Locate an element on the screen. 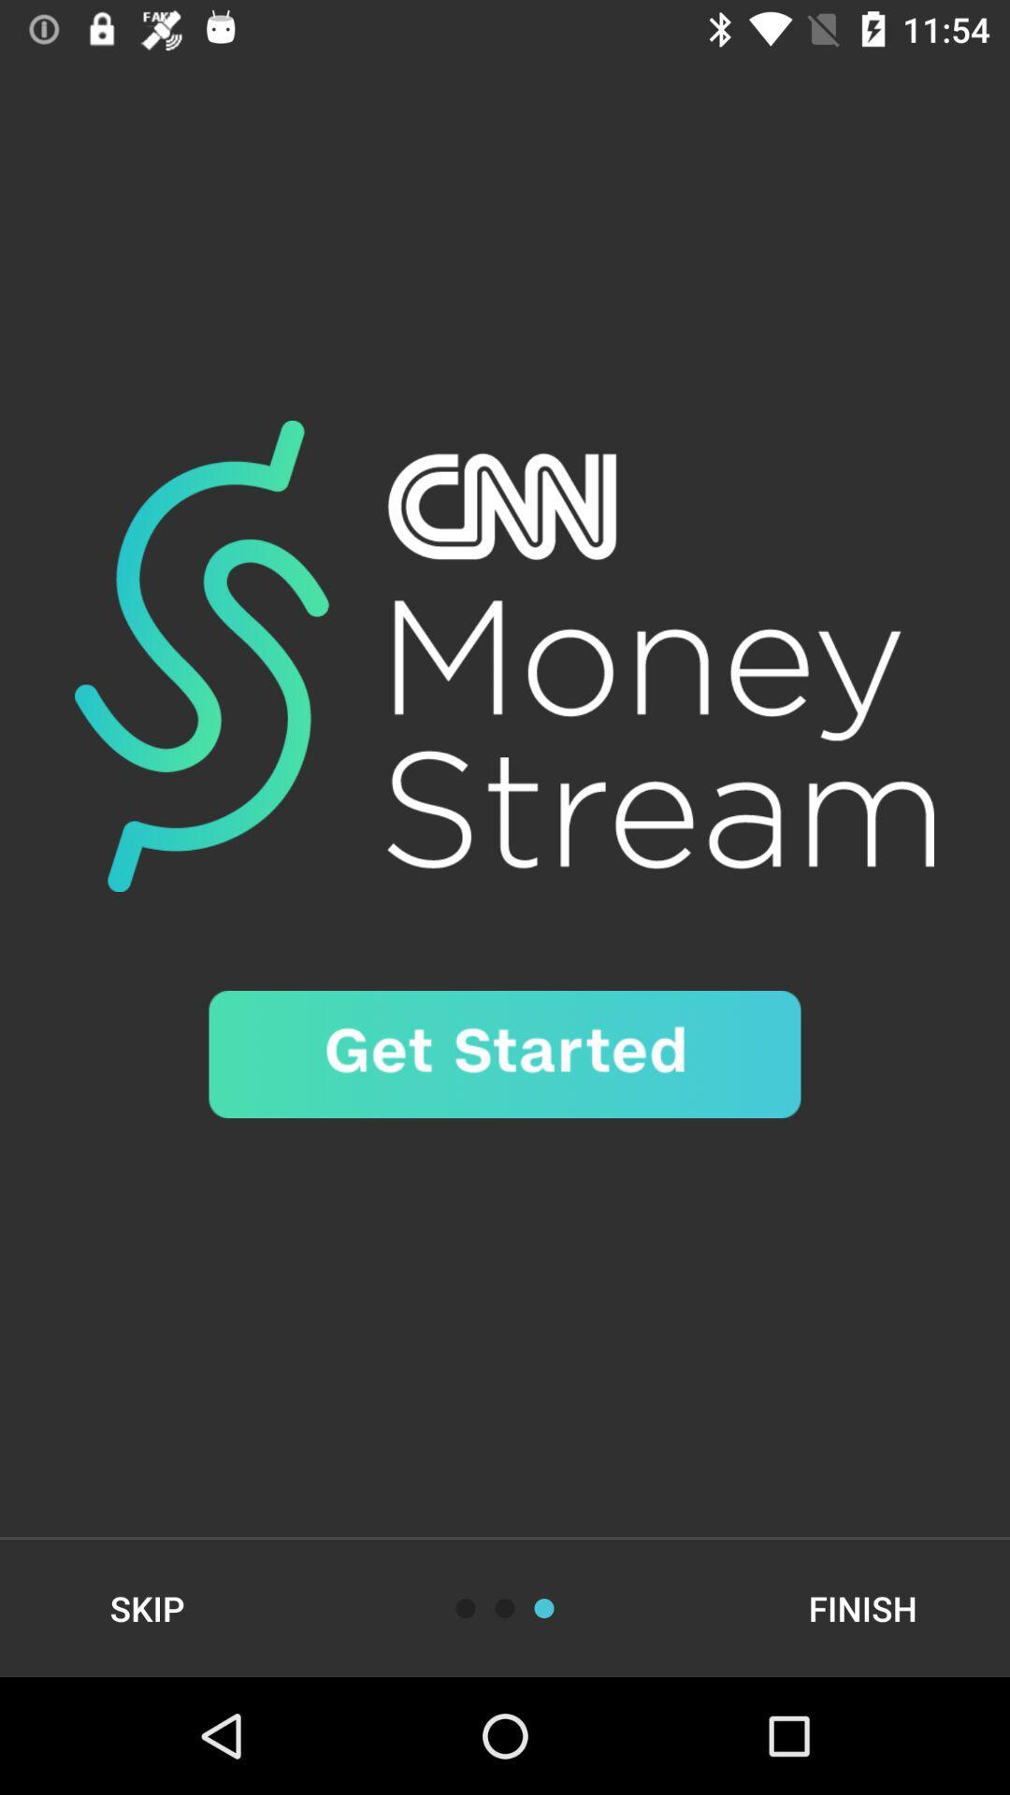 The image size is (1010, 1795). loading is located at coordinates (544, 1607).